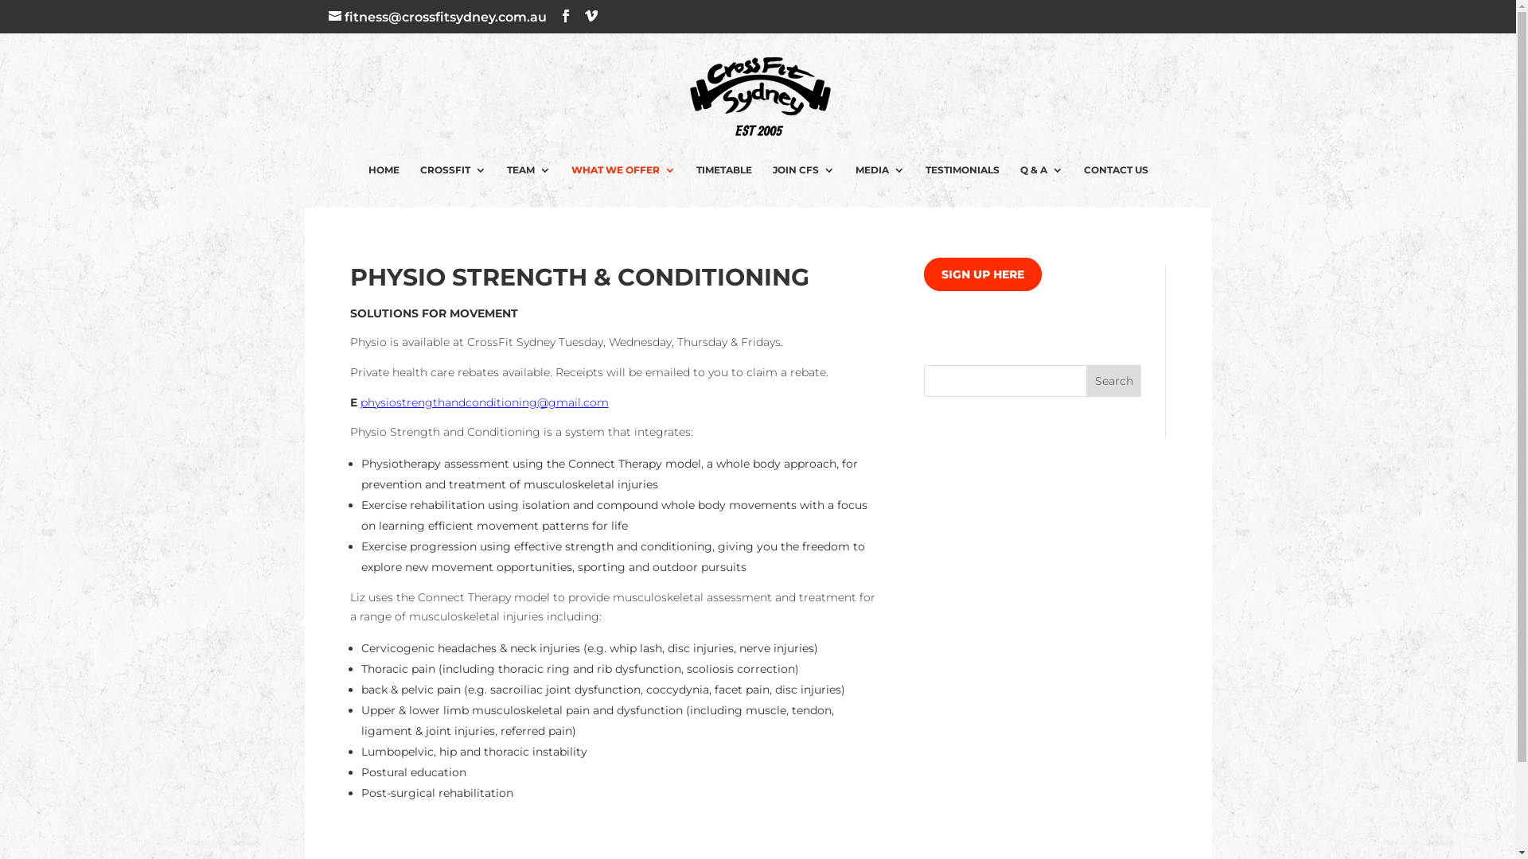  I want to click on 'CONTACT US', so click(1115, 174).